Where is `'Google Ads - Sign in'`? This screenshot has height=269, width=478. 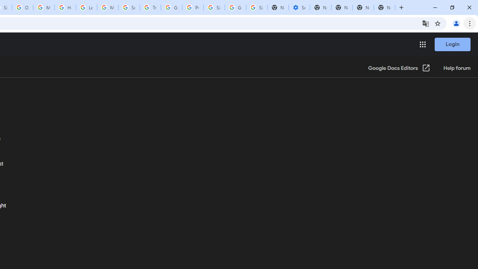 'Google Ads - Sign in' is located at coordinates (171, 7).